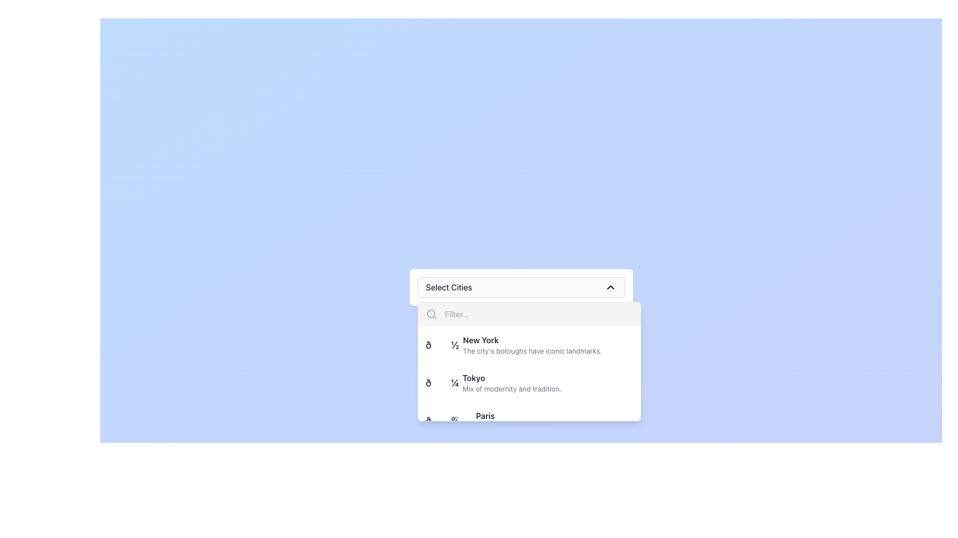 The height and width of the screenshot is (538, 958). Describe the element at coordinates (520, 287) in the screenshot. I see `the Dropdown trigger button located at the top of the dropdown menu` at that location.